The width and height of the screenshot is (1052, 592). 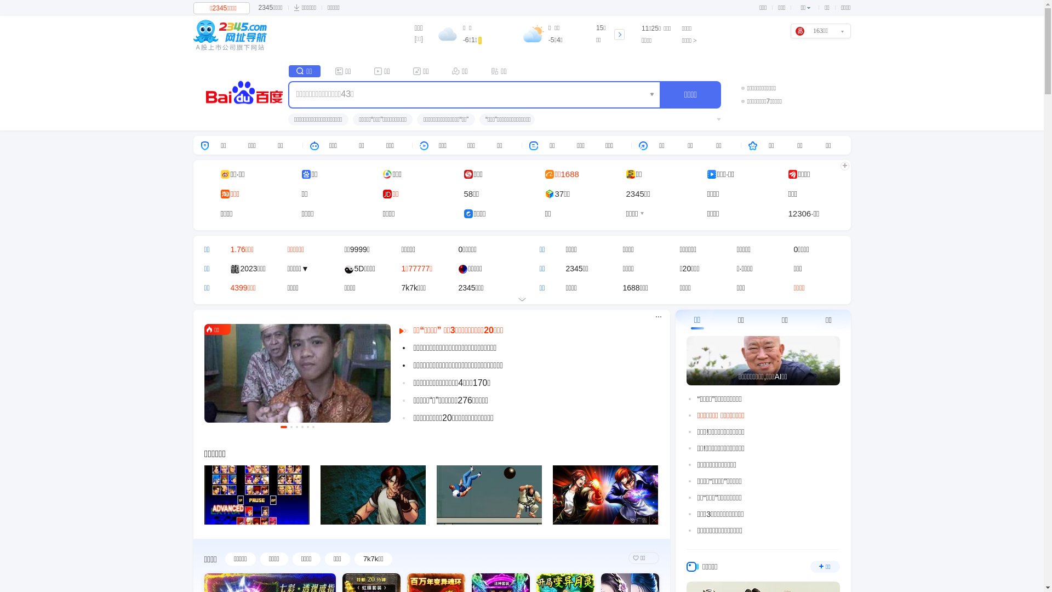 I want to click on '12306', so click(x=787, y=213).